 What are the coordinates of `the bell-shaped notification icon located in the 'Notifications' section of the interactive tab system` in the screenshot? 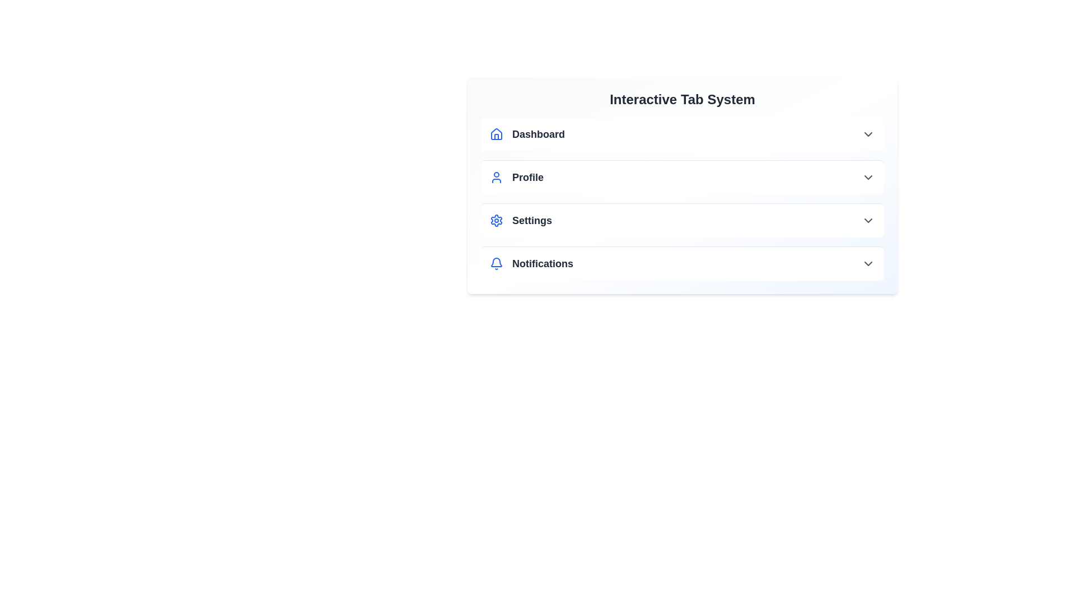 It's located at (496, 262).